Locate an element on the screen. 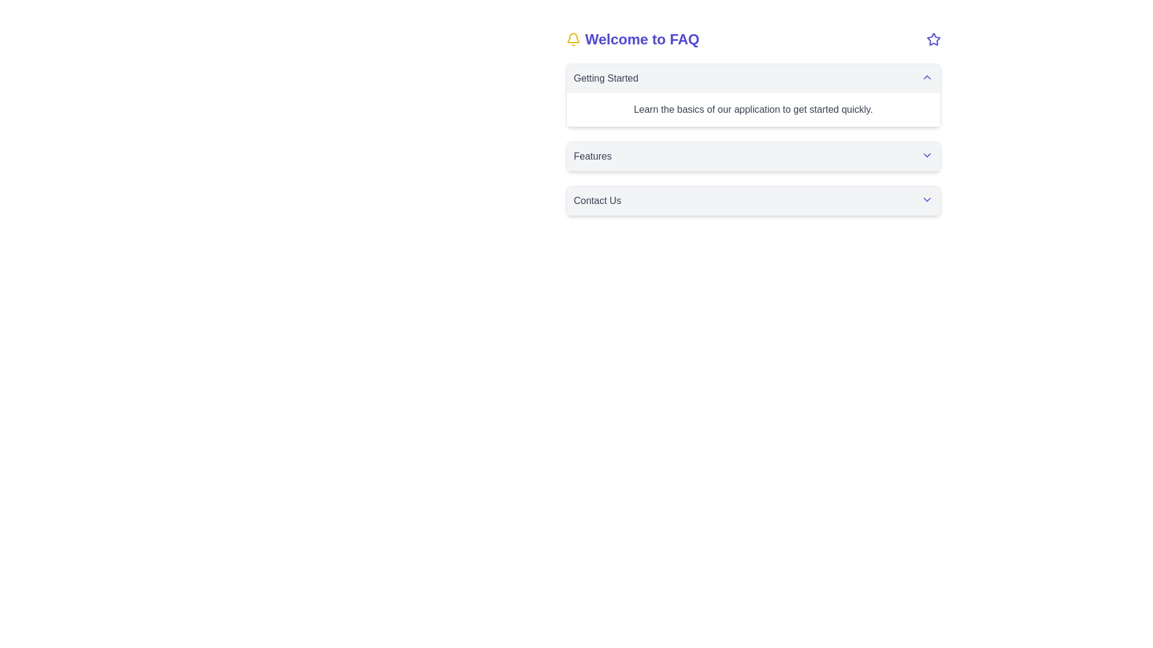 Image resolution: width=1153 pixels, height=648 pixels. the 'Contact Us' dropdown trigger is located at coordinates (752, 200).